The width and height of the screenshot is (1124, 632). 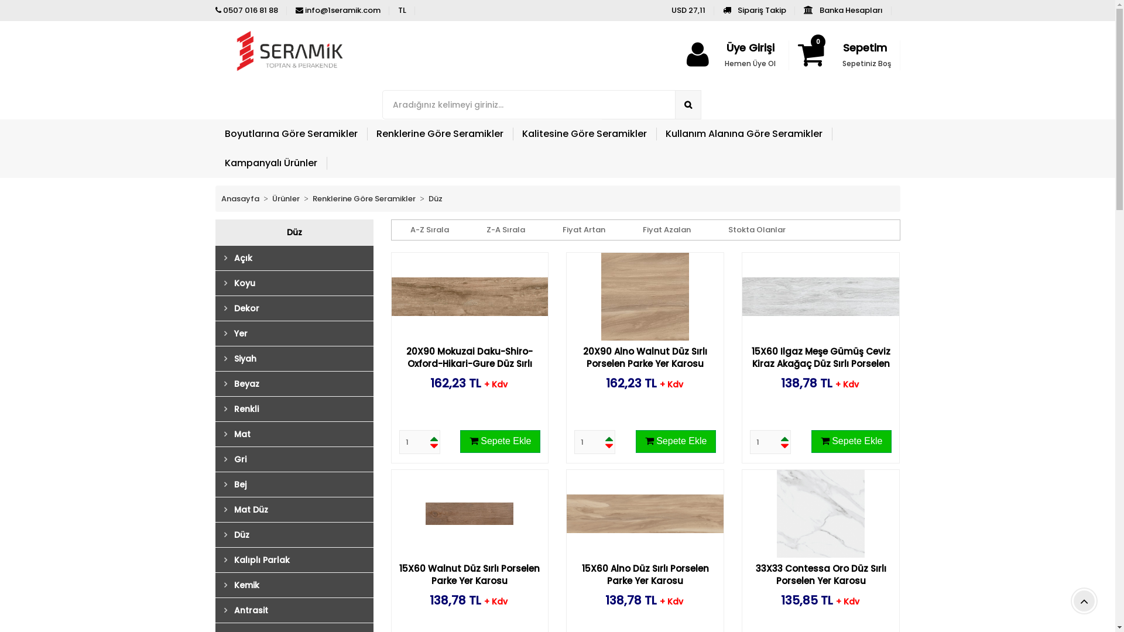 What do you see at coordinates (302, 459) in the screenshot?
I see `'Gri'` at bounding box center [302, 459].